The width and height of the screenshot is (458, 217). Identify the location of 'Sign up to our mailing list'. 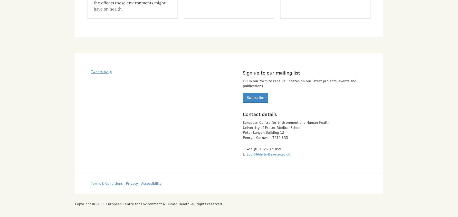
(271, 68).